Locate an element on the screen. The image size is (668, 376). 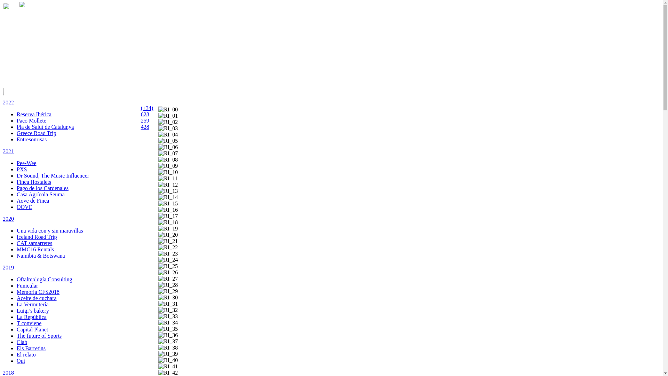
'The future of Sports' is located at coordinates (39, 335).